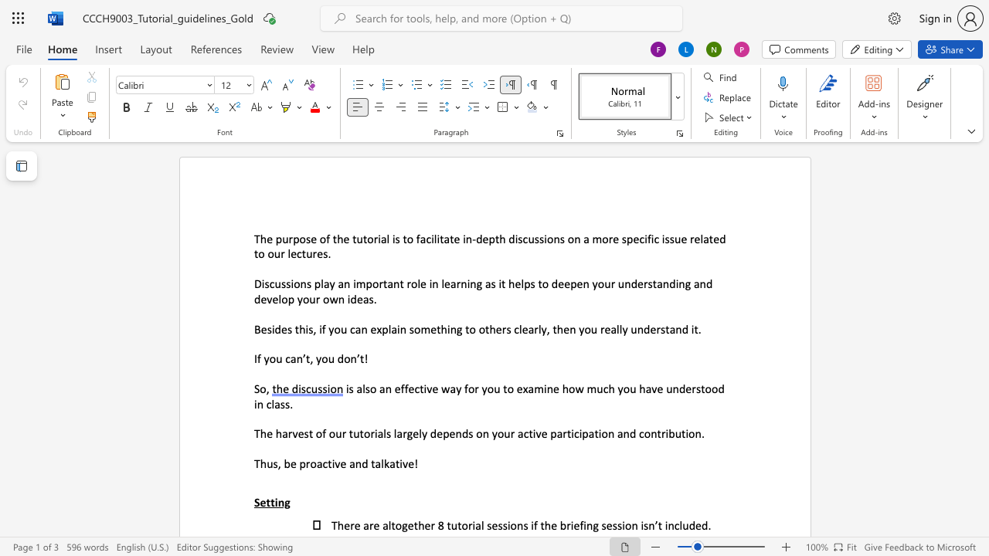 The width and height of the screenshot is (989, 556). Describe the element at coordinates (308, 433) in the screenshot. I see `the space between the continuous character "s" and "t" in the text` at that location.